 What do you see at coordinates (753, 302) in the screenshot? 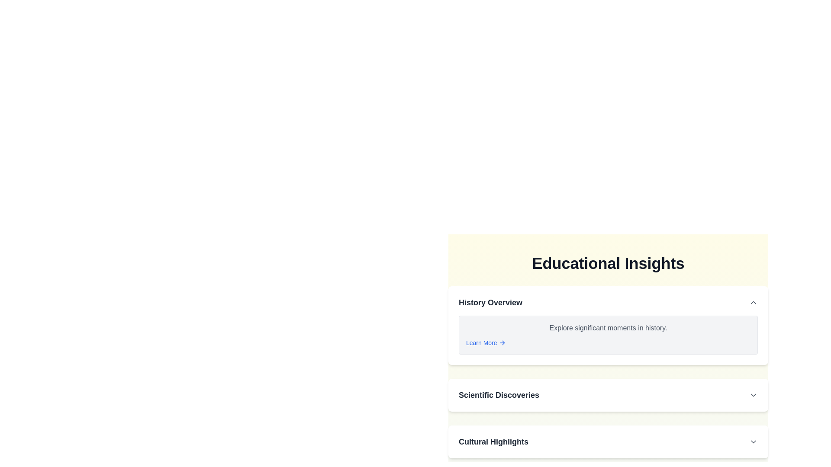
I see `the chevron-up icon button located at the top-right corner of the 'History Overview' header` at bounding box center [753, 302].